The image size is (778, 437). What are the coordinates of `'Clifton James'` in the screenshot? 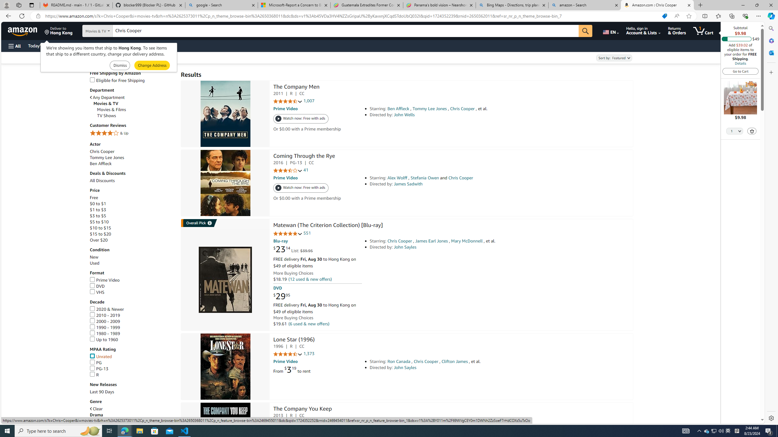 It's located at (455, 361).